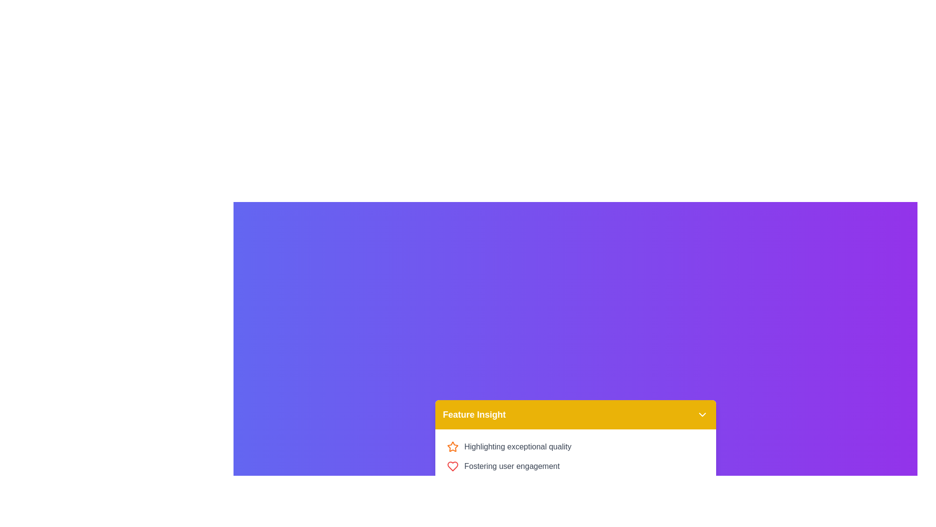 Image resolution: width=936 pixels, height=527 pixels. I want to click on the second text label in the 'Feature Insight' UI card, which provides additional context for a feature, so click(511, 466).